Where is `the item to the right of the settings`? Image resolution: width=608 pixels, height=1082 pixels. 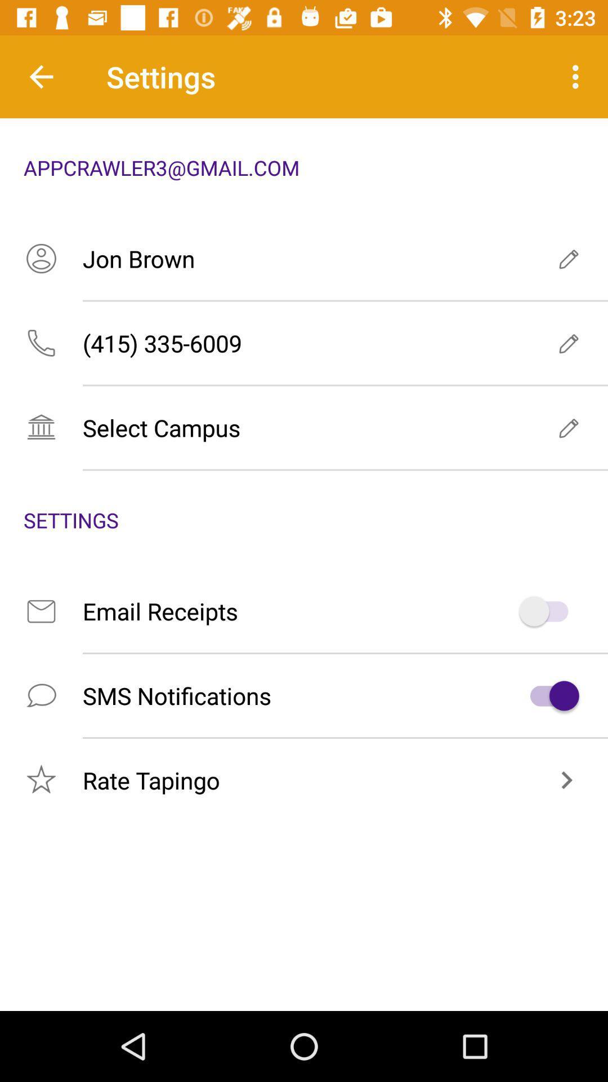 the item to the right of the settings is located at coordinates (578, 76).